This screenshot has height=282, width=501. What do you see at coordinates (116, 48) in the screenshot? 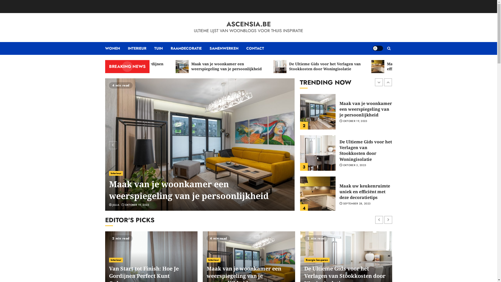
I see `'WONEN'` at bounding box center [116, 48].